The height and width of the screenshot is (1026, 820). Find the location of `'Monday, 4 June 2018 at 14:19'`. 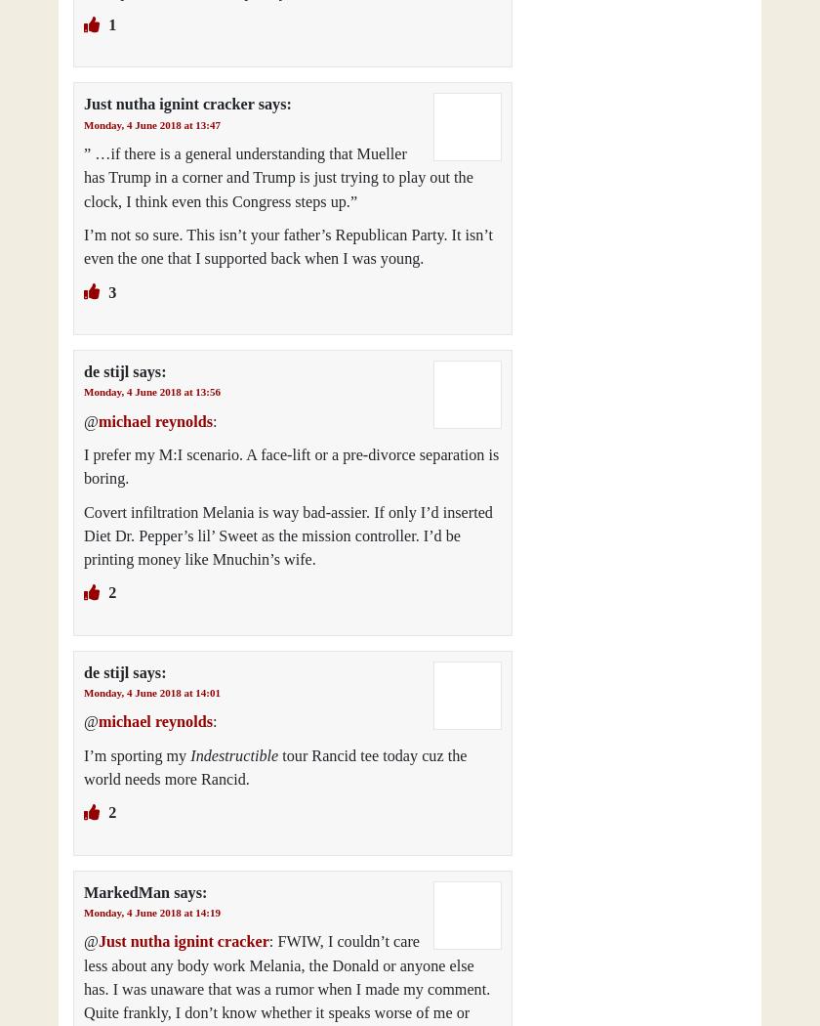

'Monday, 4 June 2018 at 14:19' is located at coordinates (151, 912).